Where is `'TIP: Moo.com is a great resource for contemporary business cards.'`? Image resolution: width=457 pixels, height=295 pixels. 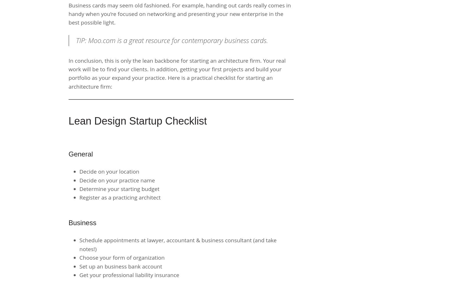
'TIP: Moo.com is a great resource for contemporary business cards.' is located at coordinates (76, 40).